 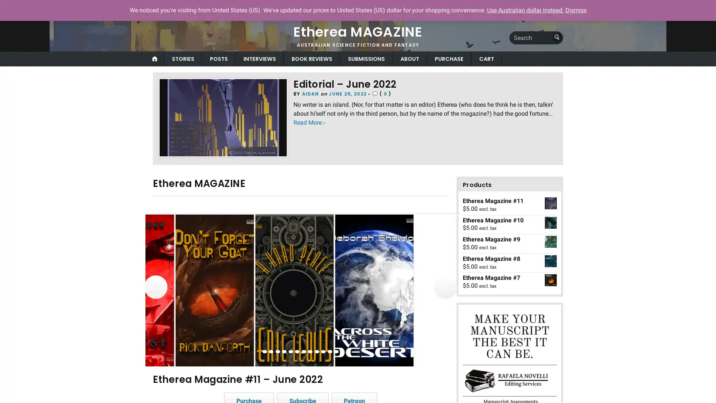 I want to click on view image 1 of 12 in carousel, so click(x=264, y=351).